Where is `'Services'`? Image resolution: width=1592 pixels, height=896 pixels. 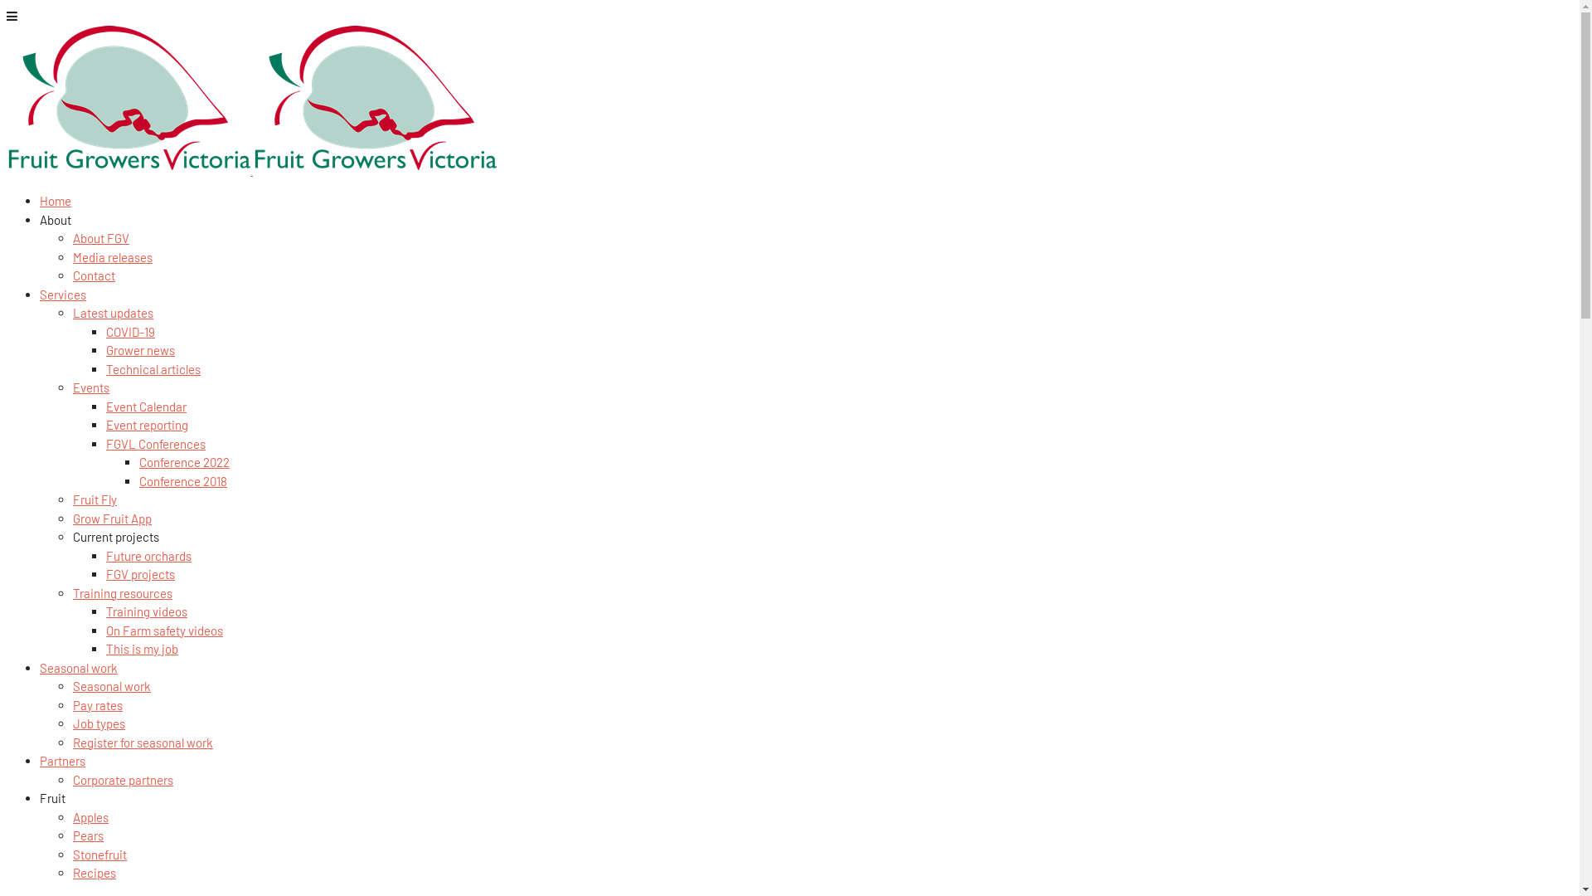
'Services' is located at coordinates (40, 293).